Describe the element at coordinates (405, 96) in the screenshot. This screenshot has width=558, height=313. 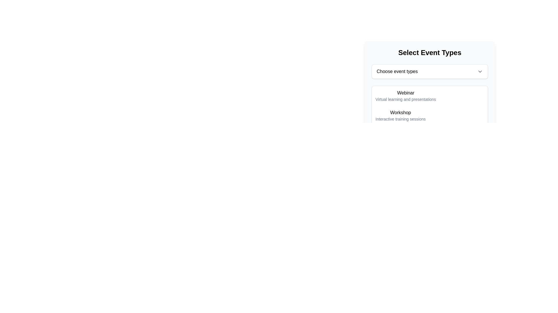
I see `on the first list item labeled 'Webinar' under the section 'Select Event Types'` at that location.